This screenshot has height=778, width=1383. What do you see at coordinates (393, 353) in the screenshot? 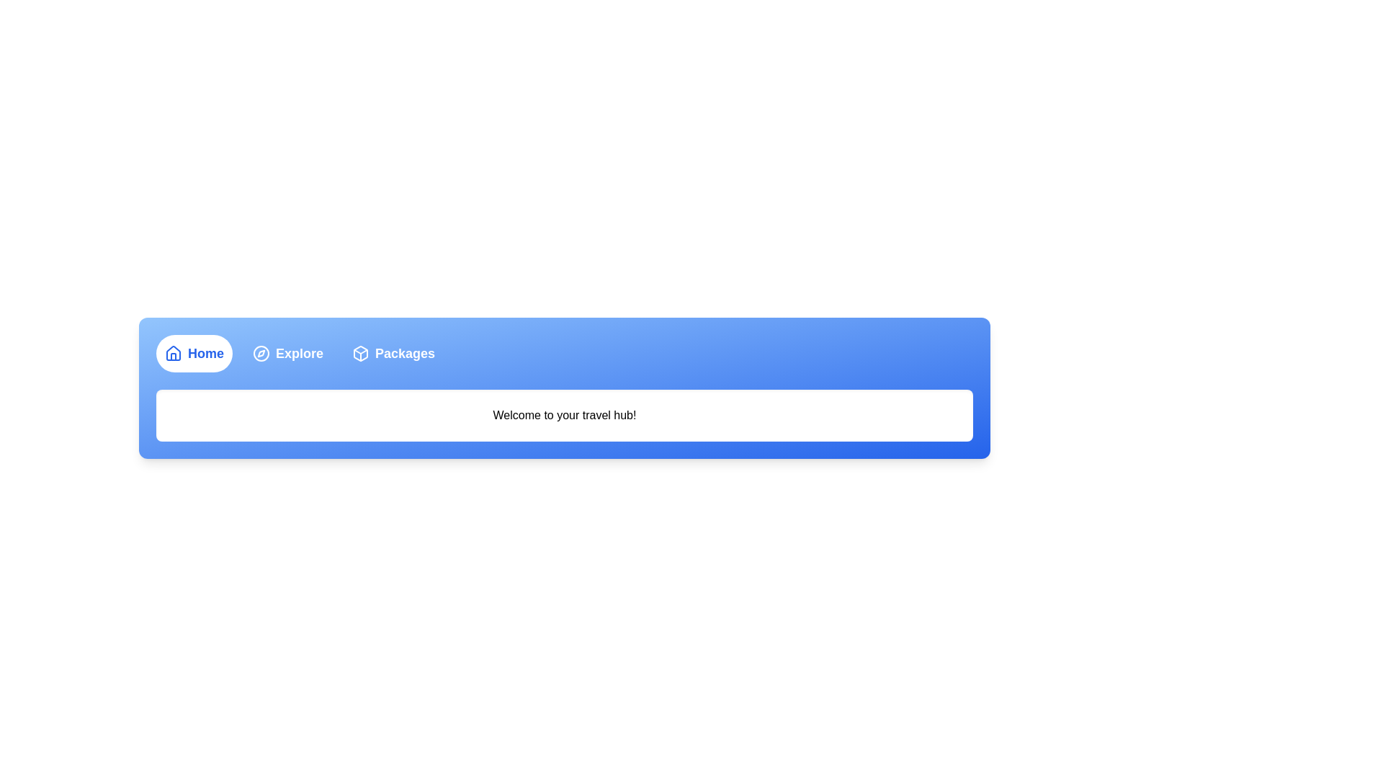
I see `the Packages tab by clicking its respective button` at bounding box center [393, 353].